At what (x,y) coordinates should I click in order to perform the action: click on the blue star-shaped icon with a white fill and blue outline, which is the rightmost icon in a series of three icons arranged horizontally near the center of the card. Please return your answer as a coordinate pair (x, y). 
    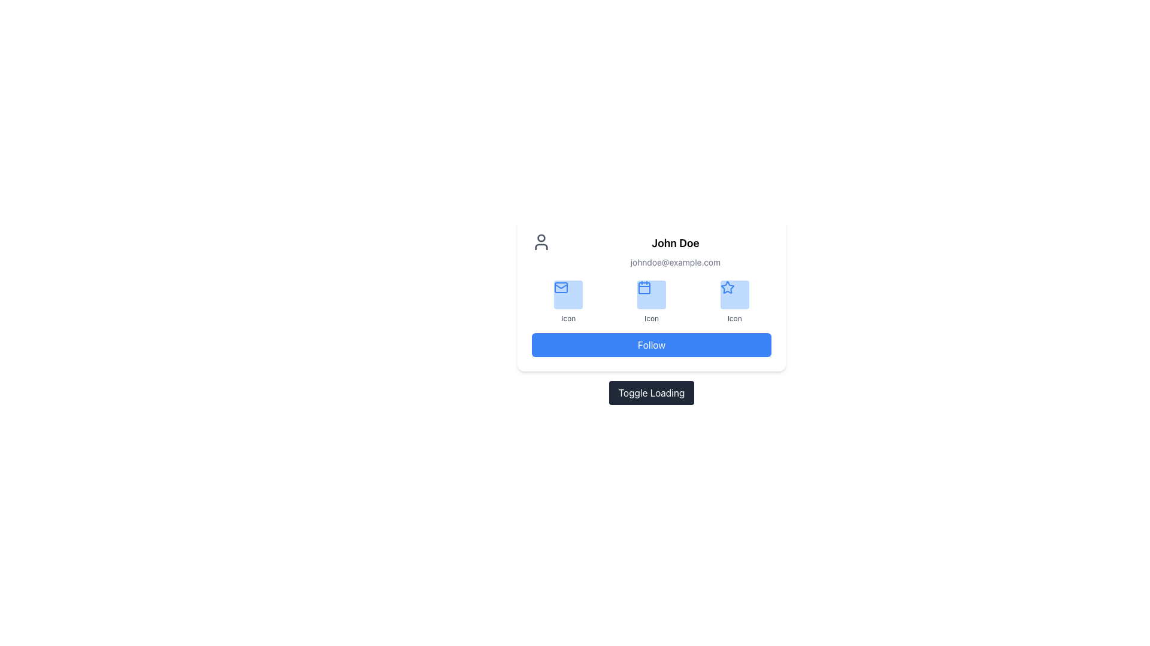
    Looking at the image, I should click on (727, 288).